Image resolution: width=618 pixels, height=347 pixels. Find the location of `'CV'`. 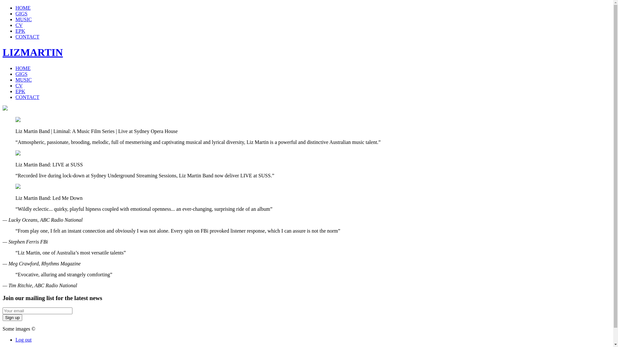

'CV' is located at coordinates (15, 25).